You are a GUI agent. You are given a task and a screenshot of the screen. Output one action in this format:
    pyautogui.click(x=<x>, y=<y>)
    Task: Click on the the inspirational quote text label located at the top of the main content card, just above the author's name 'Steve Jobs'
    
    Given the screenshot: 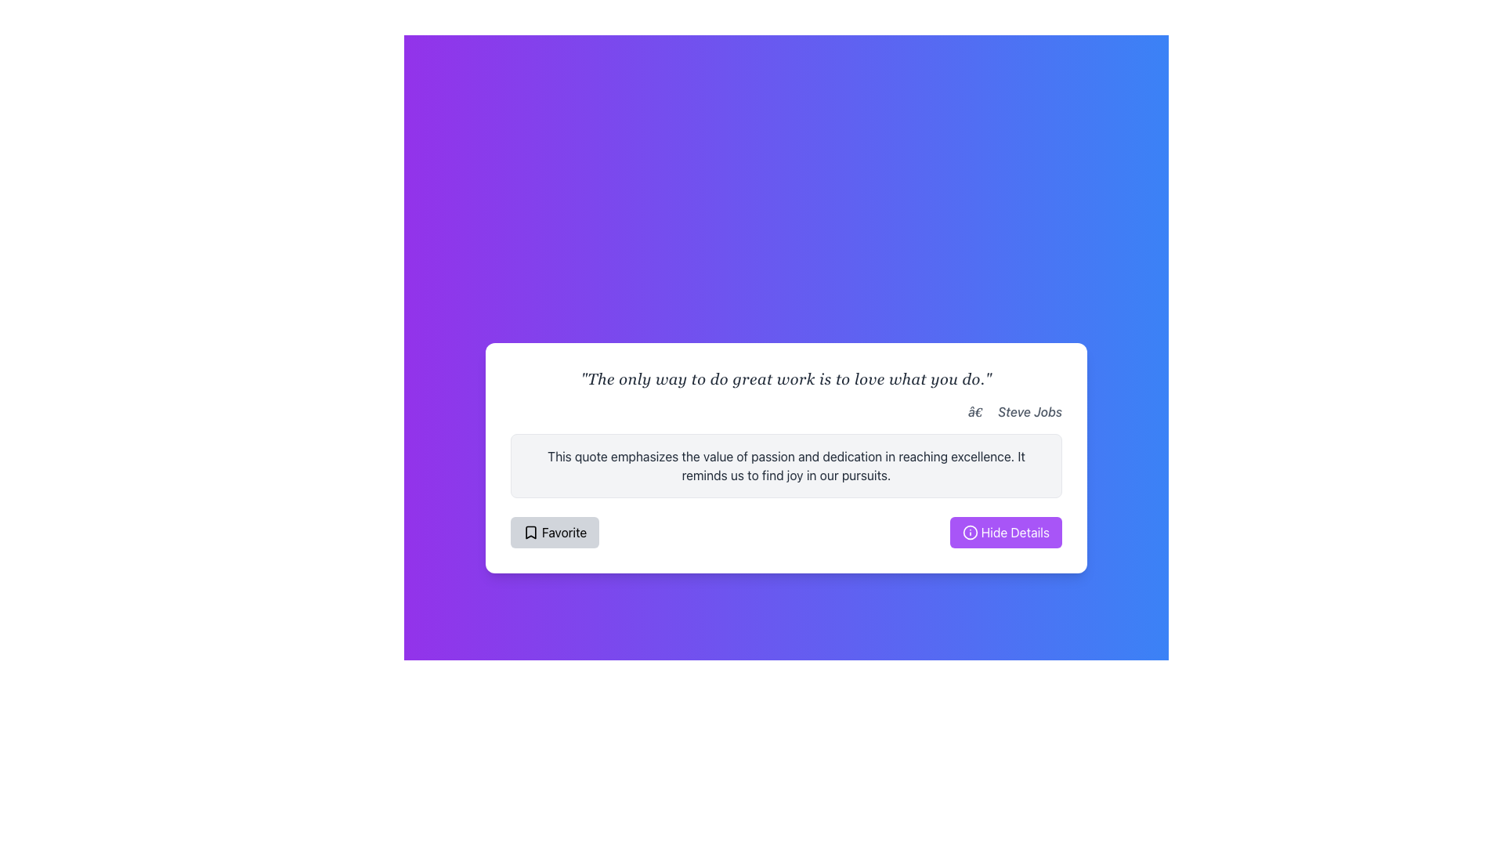 What is the action you would take?
    pyautogui.click(x=786, y=378)
    